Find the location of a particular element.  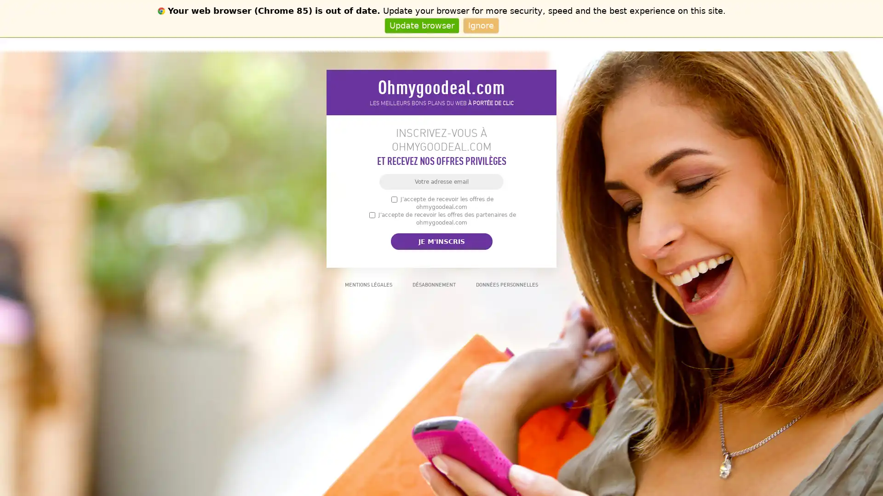

Je m'inscris is located at coordinates (441, 241).